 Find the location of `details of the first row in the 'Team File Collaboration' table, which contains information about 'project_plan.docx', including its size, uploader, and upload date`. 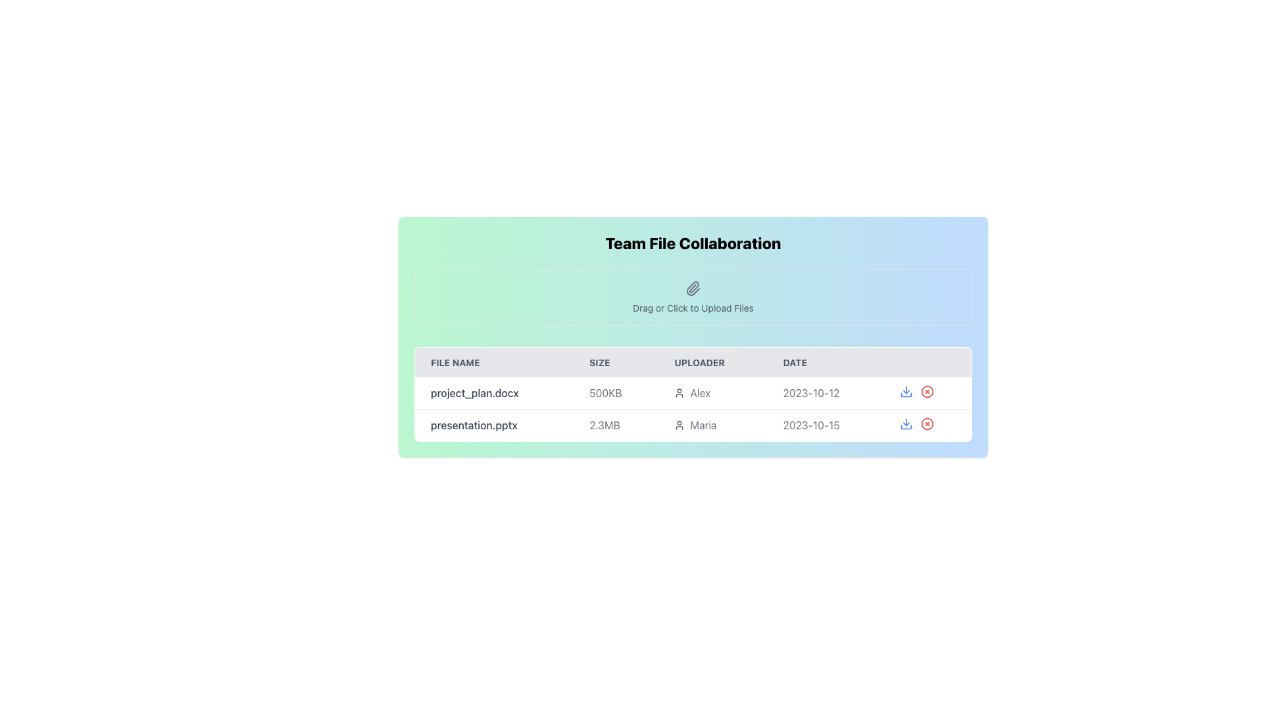

details of the first row in the 'Team File Collaboration' table, which contains information about 'project_plan.docx', including its size, uploader, and upload date is located at coordinates (693, 392).